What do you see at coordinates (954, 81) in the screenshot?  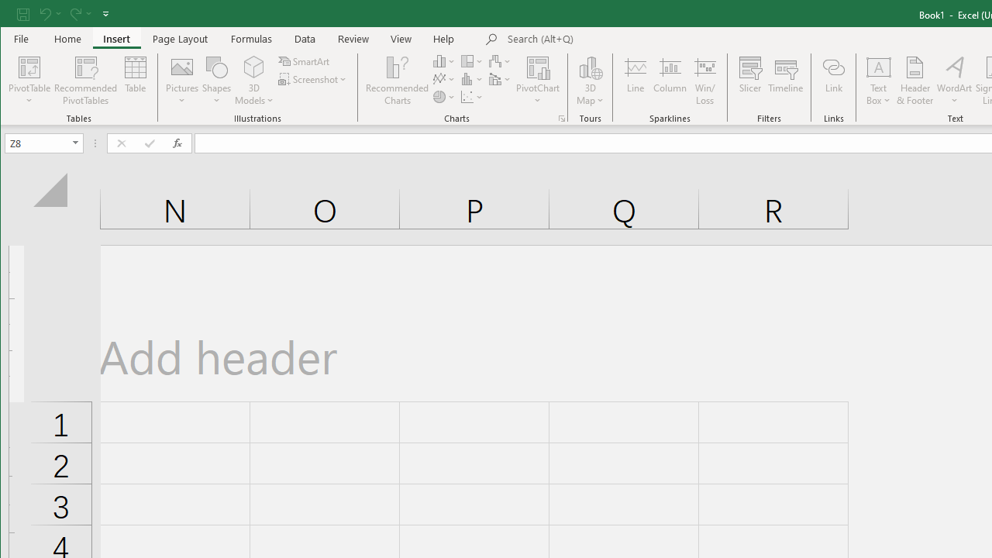 I see `'WordArt'` at bounding box center [954, 81].